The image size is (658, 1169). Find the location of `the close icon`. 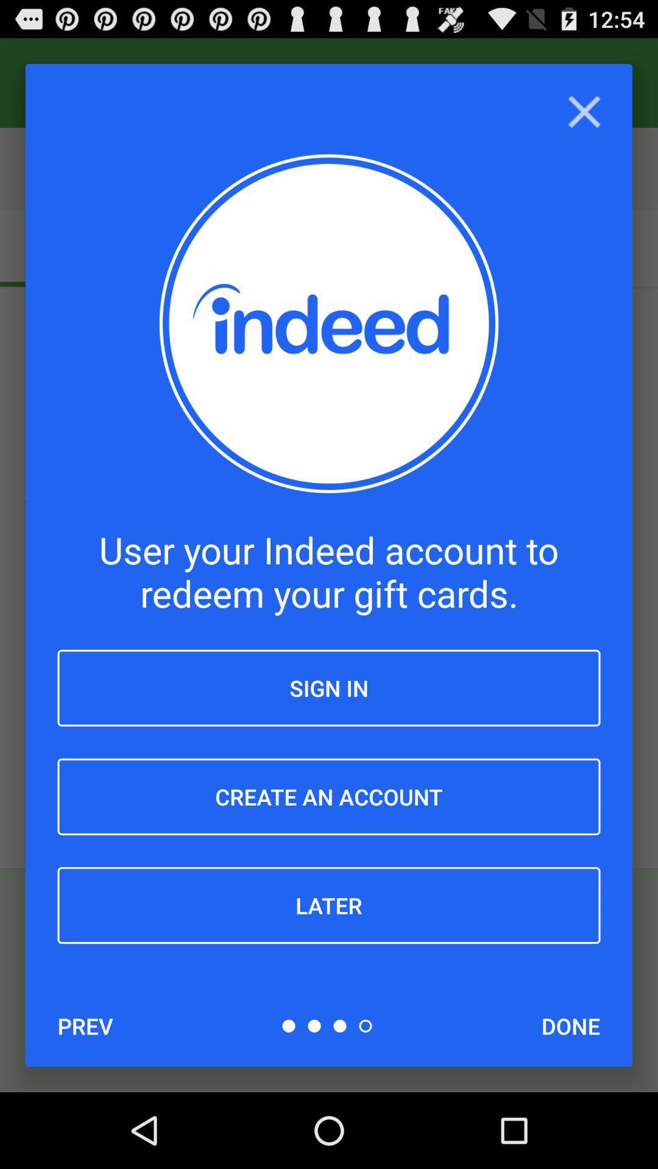

the close icon is located at coordinates (584, 119).